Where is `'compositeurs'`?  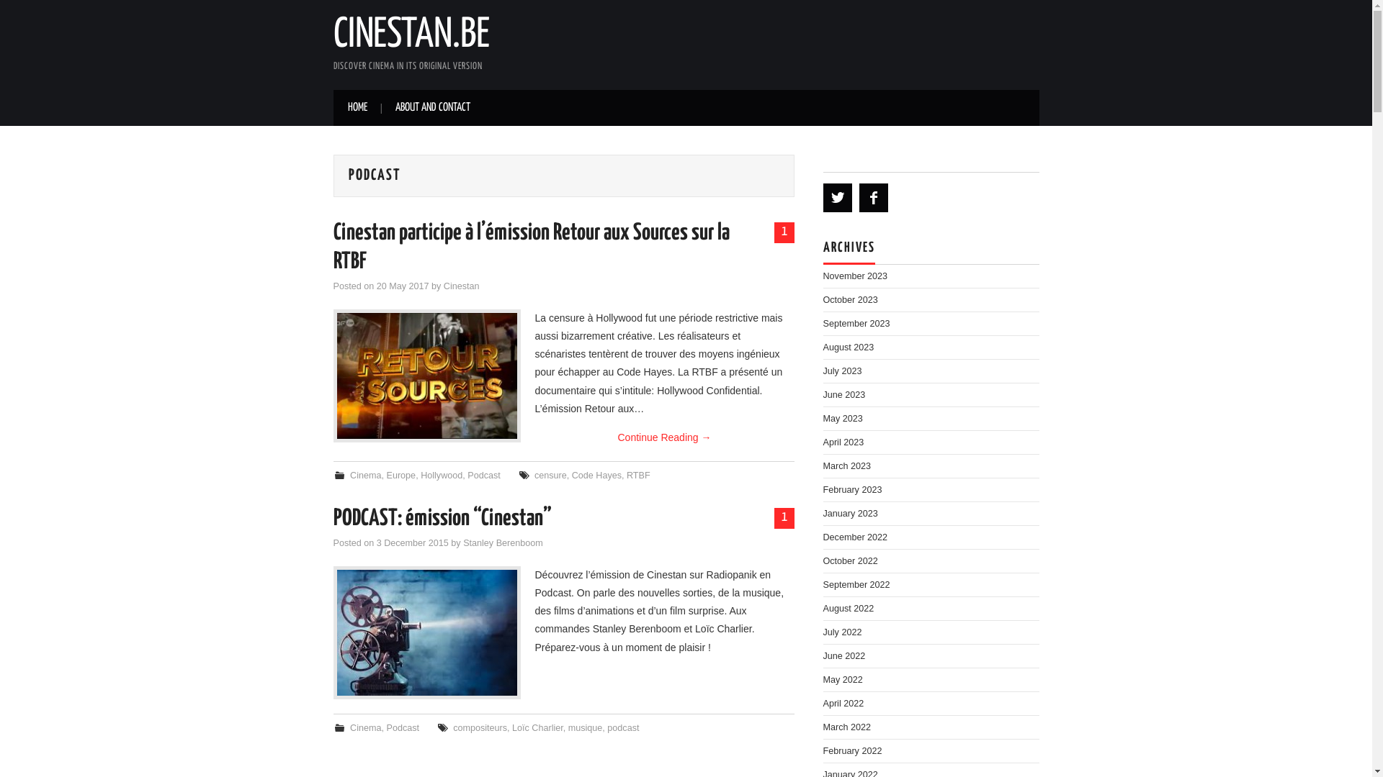
'compositeurs' is located at coordinates (480, 727).